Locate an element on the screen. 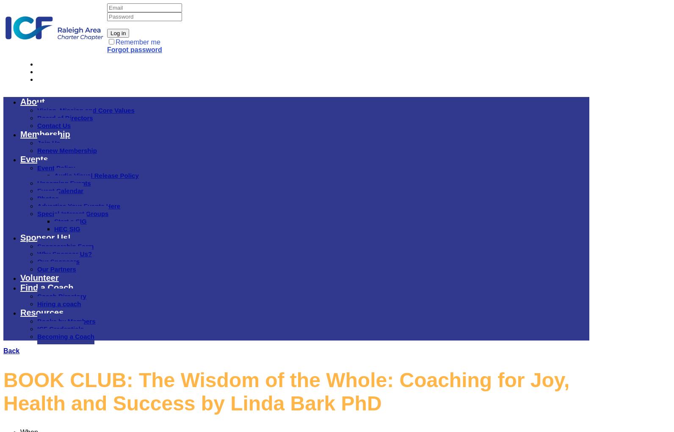 The width and height of the screenshot is (674, 432). 'BOOK CLUB:  The Wisdom of the Whole: Coaching for Joy, Health and Success by Linda Bark PhD' is located at coordinates (286, 392).